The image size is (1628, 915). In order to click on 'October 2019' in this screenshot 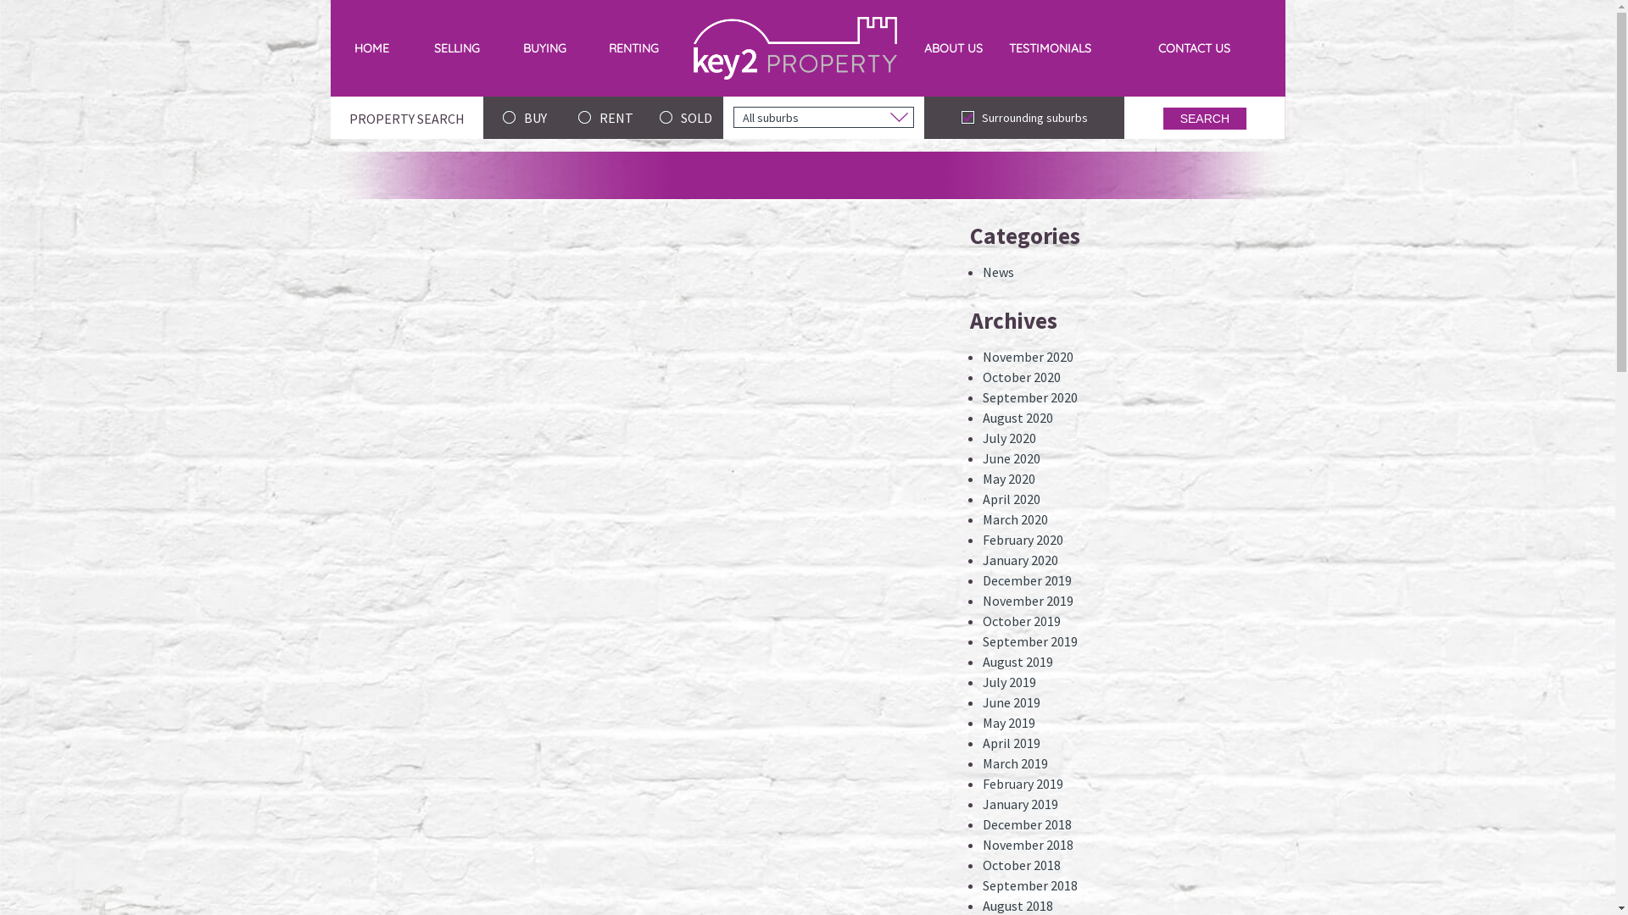, I will do `click(1020, 620)`.